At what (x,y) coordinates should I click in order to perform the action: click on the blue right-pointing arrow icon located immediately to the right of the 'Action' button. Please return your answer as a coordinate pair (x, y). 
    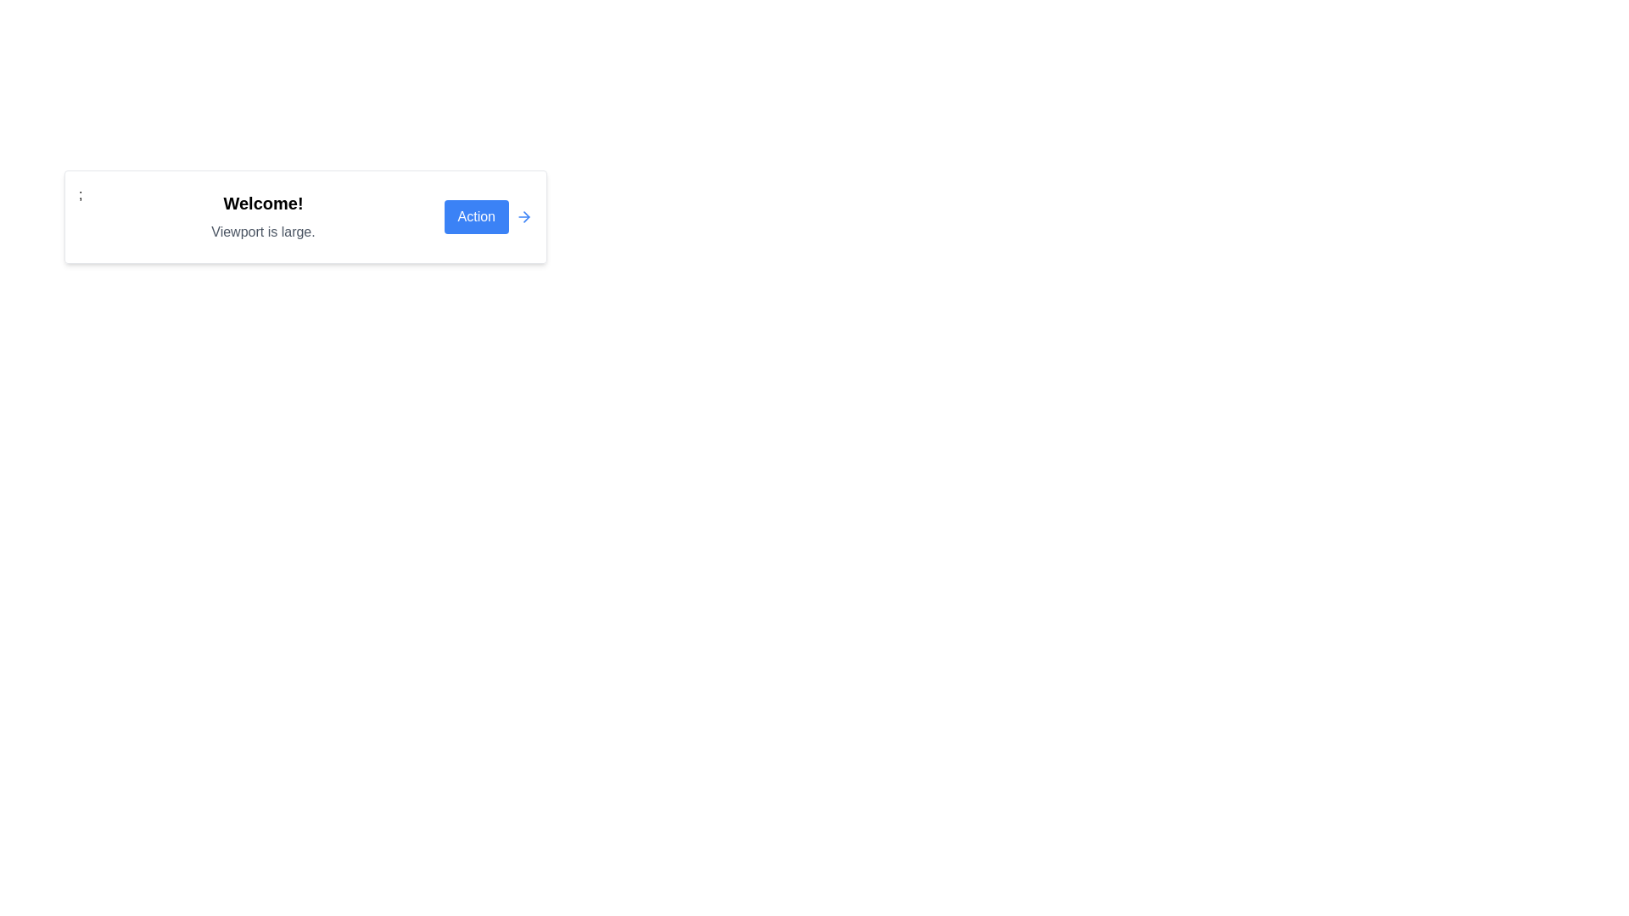
    Looking at the image, I should click on (523, 215).